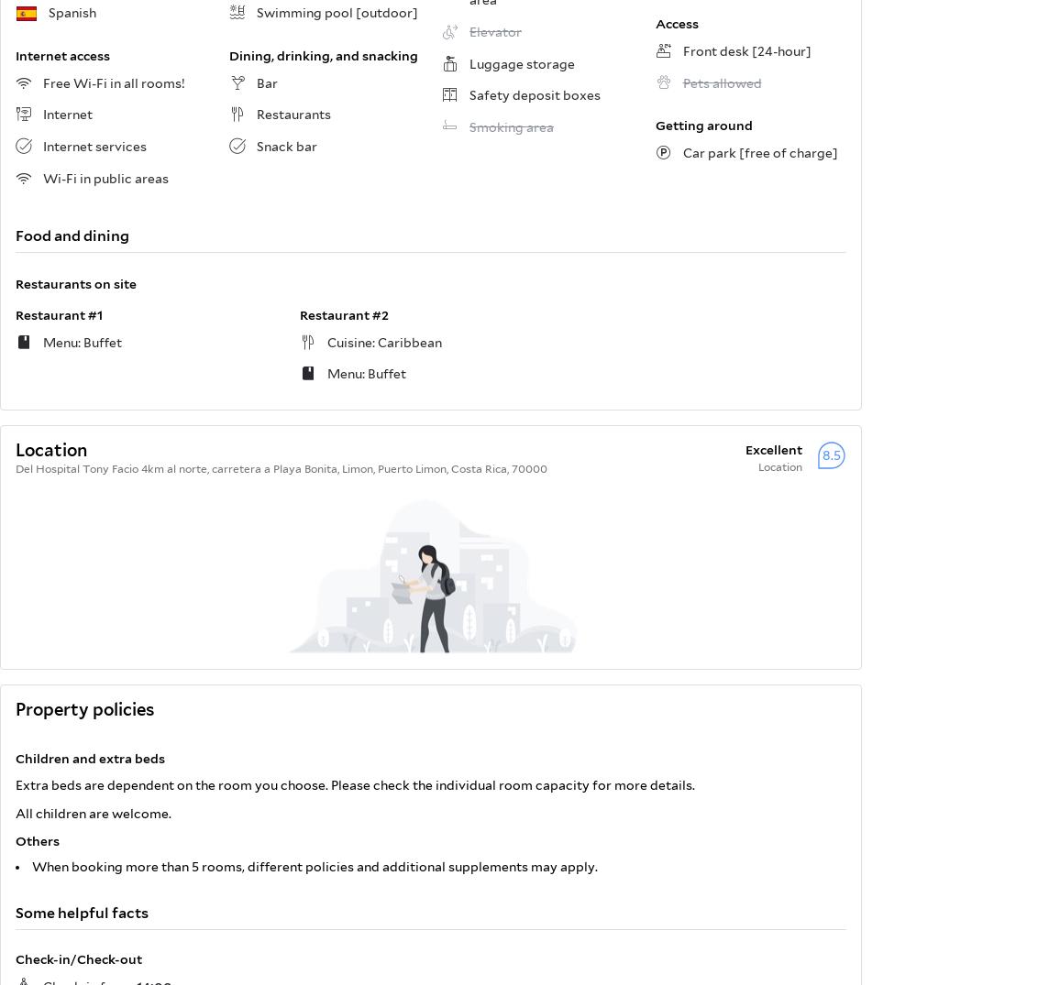 The image size is (1038, 985). What do you see at coordinates (62, 54) in the screenshot?
I see `'Internet access'` at bounding box center [62, 54].